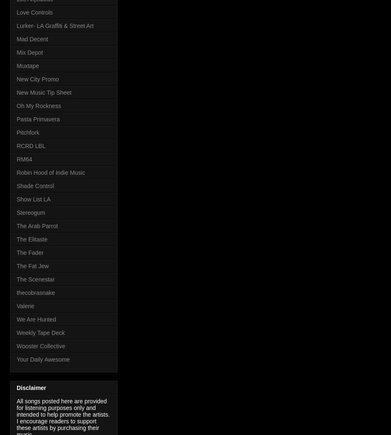 The height and width of the screenshot is (435, 391). What do you see at coordinates (36, 319) in the screenshot?
I see `'We Are Hunted'` at bounding box center [36, 319].